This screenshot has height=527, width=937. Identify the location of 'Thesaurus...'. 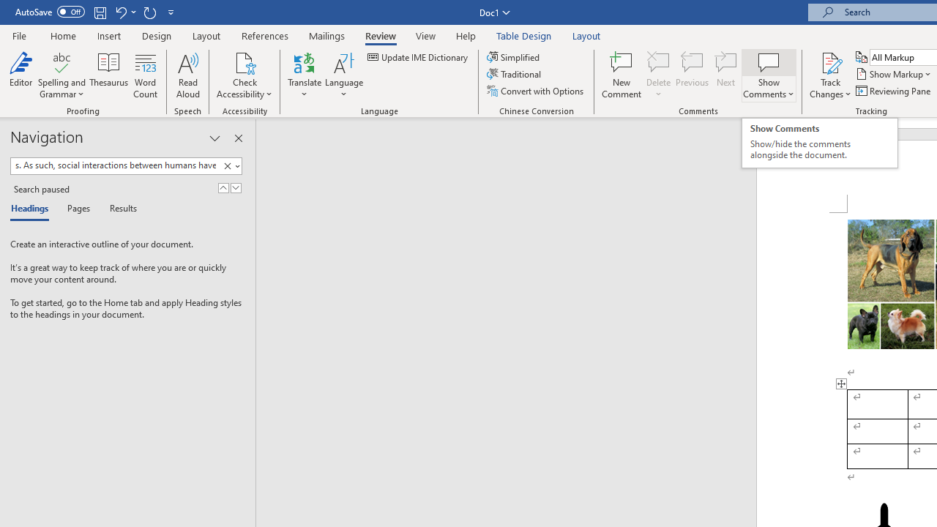
(108, 75).